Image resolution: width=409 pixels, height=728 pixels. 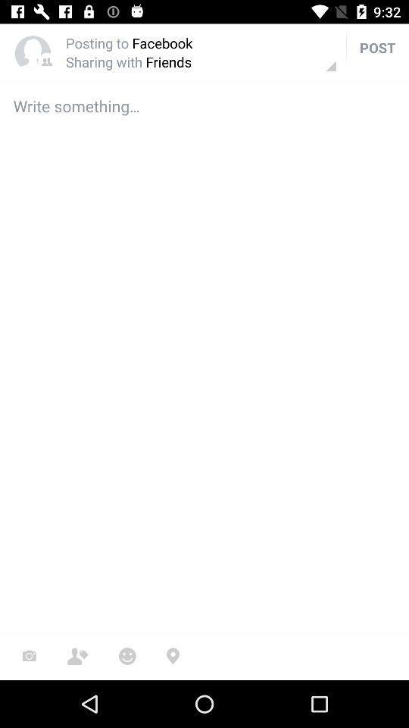 I want to click on the location icon, so click(x=172, y=655).